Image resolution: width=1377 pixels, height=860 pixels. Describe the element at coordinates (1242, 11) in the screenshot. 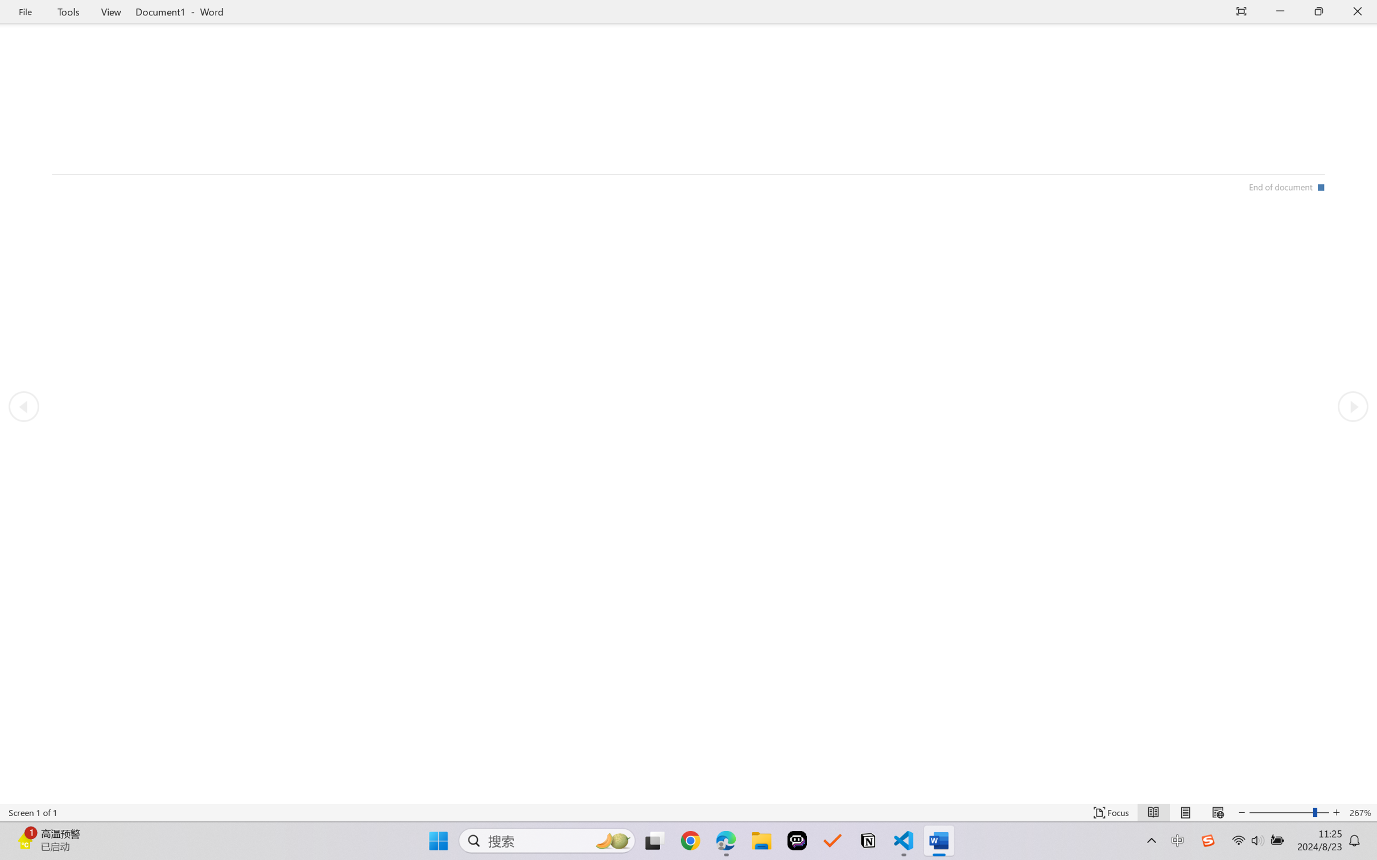

I see `'Auto-hide Reading Toolbar'` at that location.